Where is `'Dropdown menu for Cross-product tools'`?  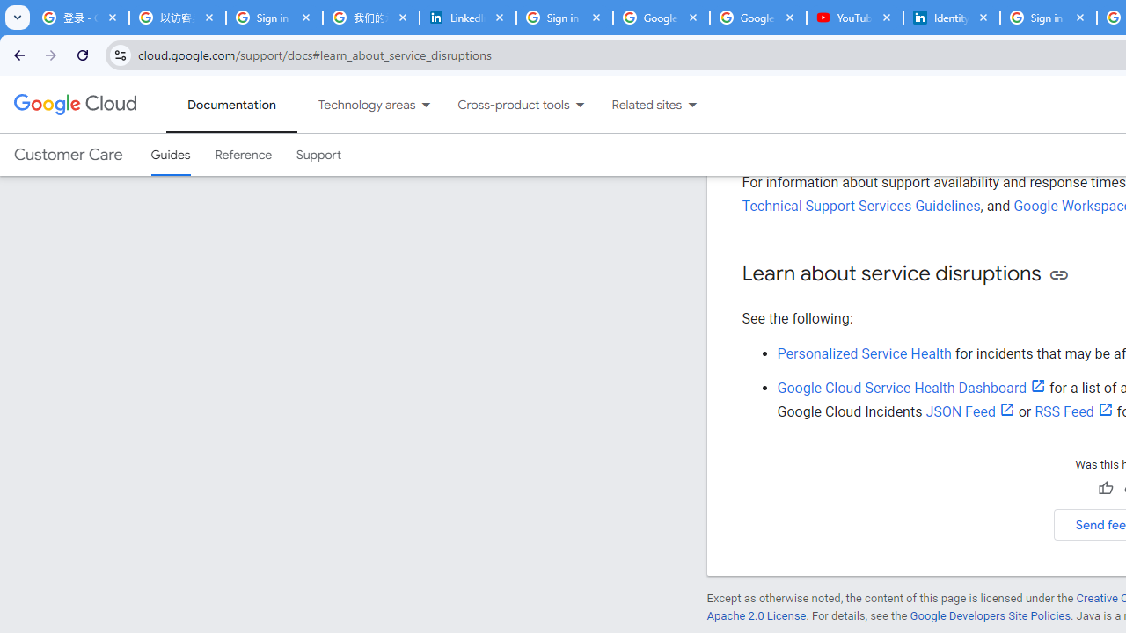
'Dropdown menu for Cross-product tools' is located at coordinates (580, 105).